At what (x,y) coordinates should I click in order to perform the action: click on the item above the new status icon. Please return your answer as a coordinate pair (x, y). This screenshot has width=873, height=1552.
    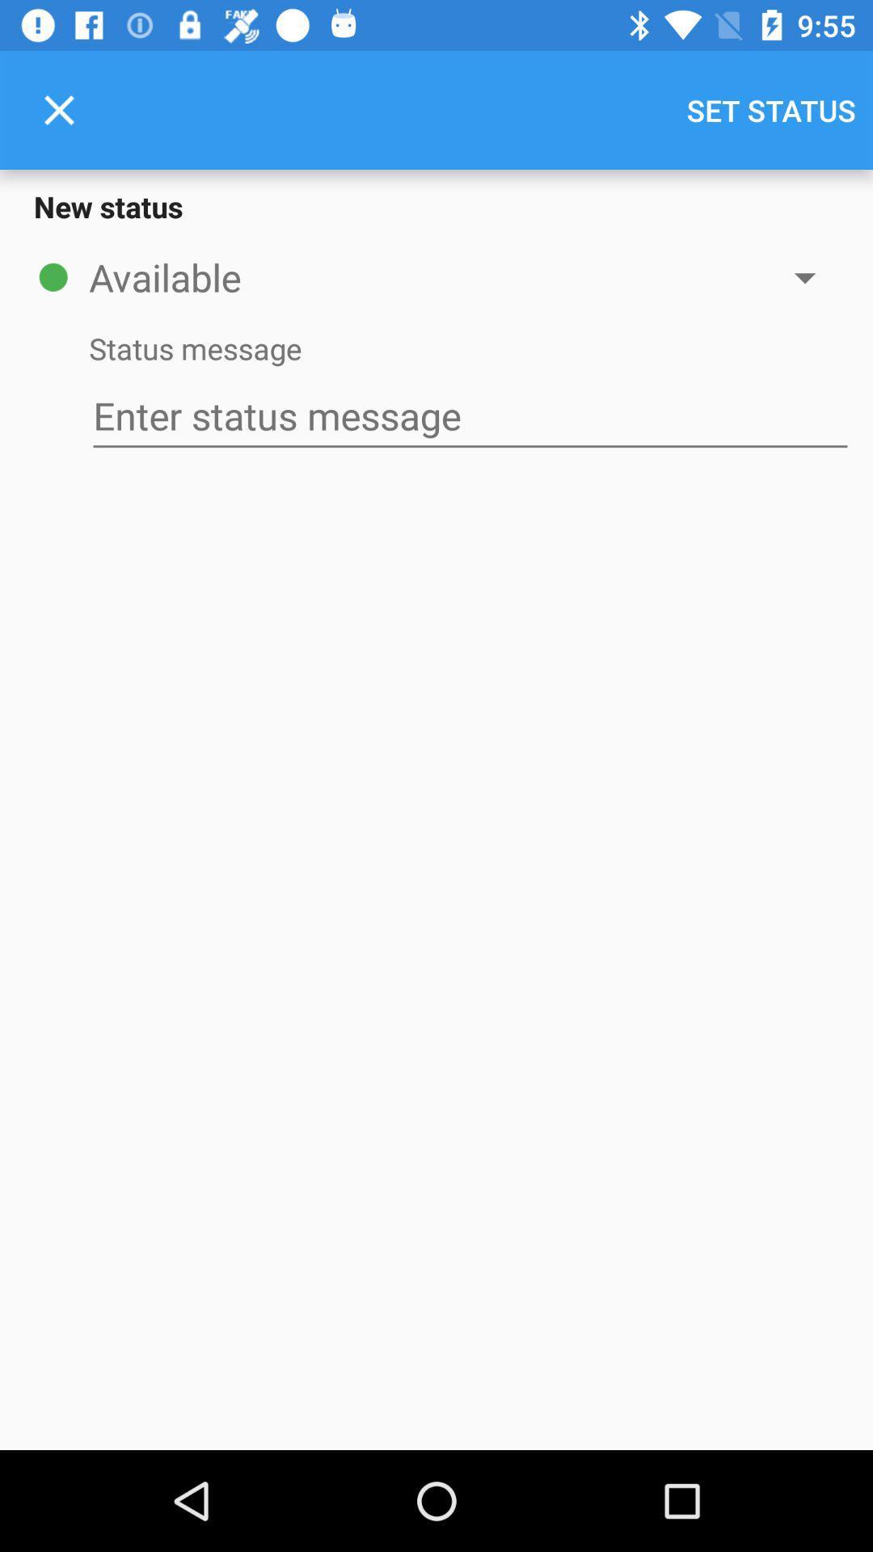
    Looking at the image, I should click on (770, 109).